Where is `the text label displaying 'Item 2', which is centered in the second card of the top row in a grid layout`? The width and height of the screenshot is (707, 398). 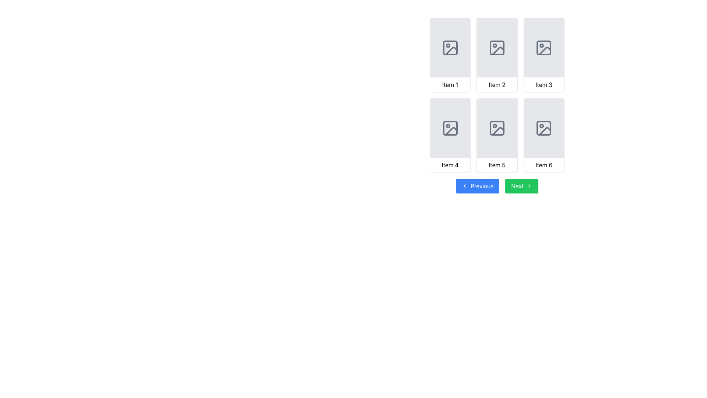 the text label displaying 'Item 2', which is centered in the second card of the top row in a grid layout is located at coordinates (497, 84).